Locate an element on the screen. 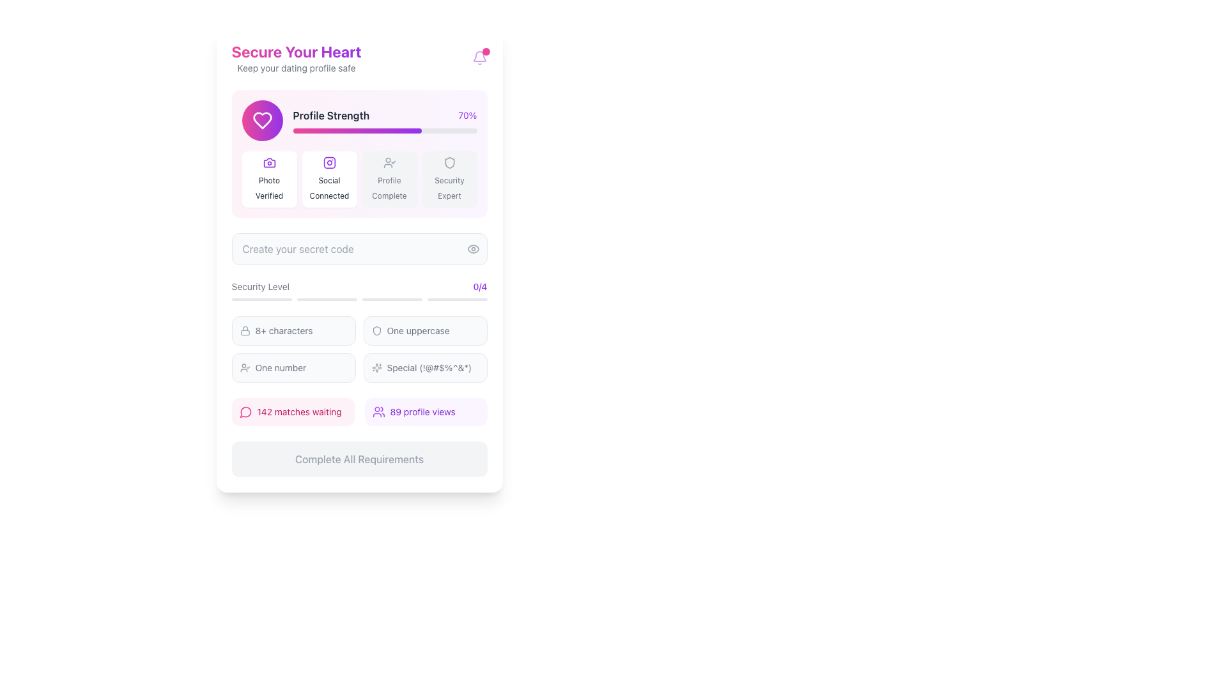 Image resolution: width=1227 pixels, height=690 pixels. the visual indicator card labeled 'Profile Complete', which is a rectangular card with rounded corners and a light grey background, located in the grid layout under the 'Profile Strength' bar is located at coordinates (389, 180).